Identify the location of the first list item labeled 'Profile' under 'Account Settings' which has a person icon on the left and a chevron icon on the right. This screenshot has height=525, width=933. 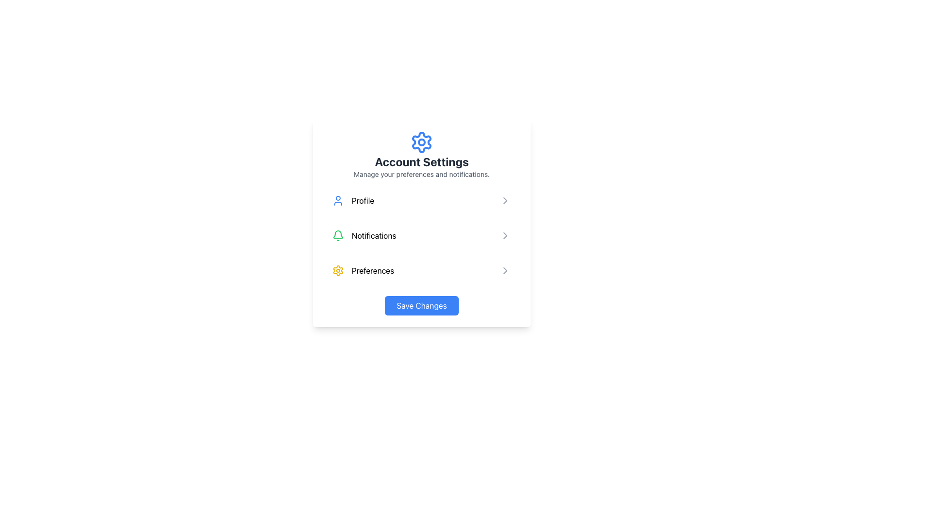
(422, 200).